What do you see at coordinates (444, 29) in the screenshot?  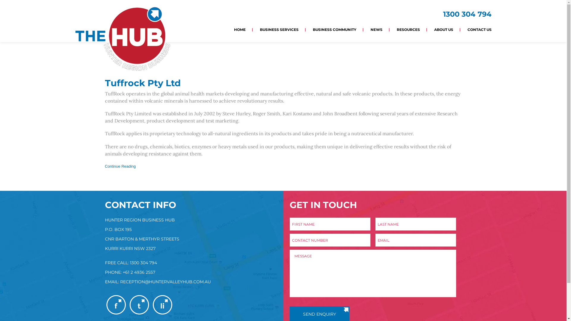 I see `'ABOUT US'` at bounding box center [444, 29].